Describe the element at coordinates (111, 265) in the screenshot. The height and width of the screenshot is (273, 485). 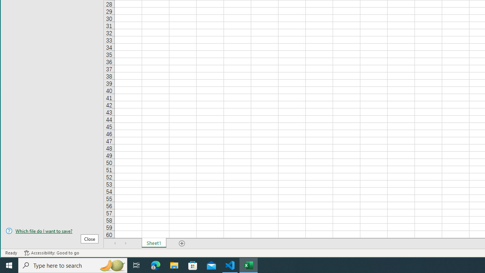
I see `'Search highlights icon opens search home window'` at that location.